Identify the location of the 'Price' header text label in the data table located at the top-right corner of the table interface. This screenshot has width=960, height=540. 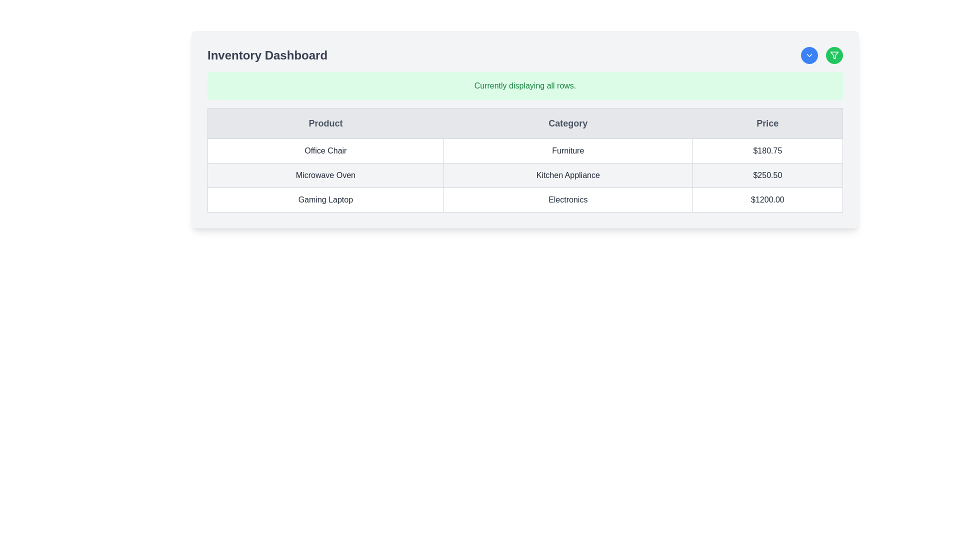
(767, 122).